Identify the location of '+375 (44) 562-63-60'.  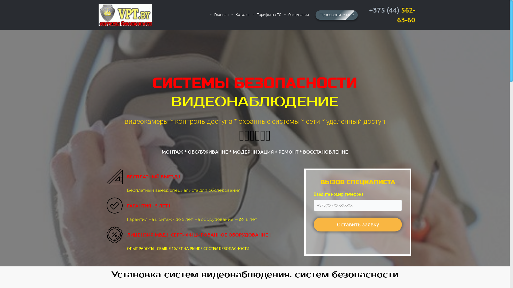
(388, 15).